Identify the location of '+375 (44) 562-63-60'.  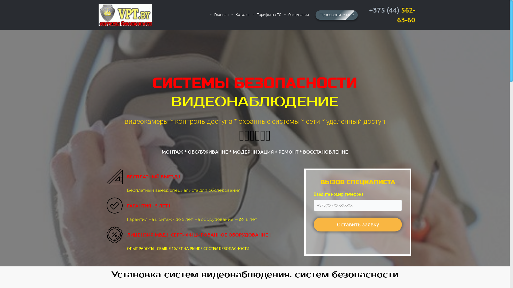
(388, 15).